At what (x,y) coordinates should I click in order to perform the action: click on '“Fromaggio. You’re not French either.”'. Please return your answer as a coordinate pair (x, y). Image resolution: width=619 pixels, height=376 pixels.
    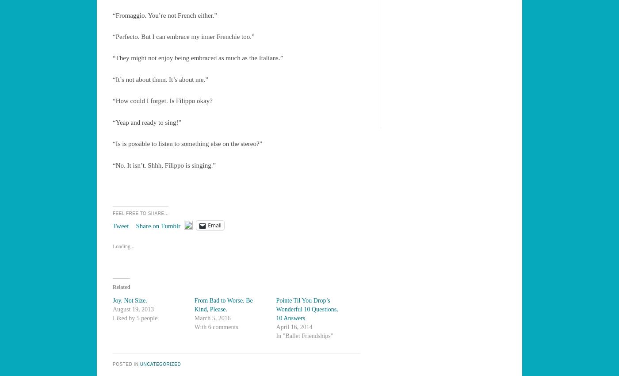
    Looking at the image, I should click on (112, 15).